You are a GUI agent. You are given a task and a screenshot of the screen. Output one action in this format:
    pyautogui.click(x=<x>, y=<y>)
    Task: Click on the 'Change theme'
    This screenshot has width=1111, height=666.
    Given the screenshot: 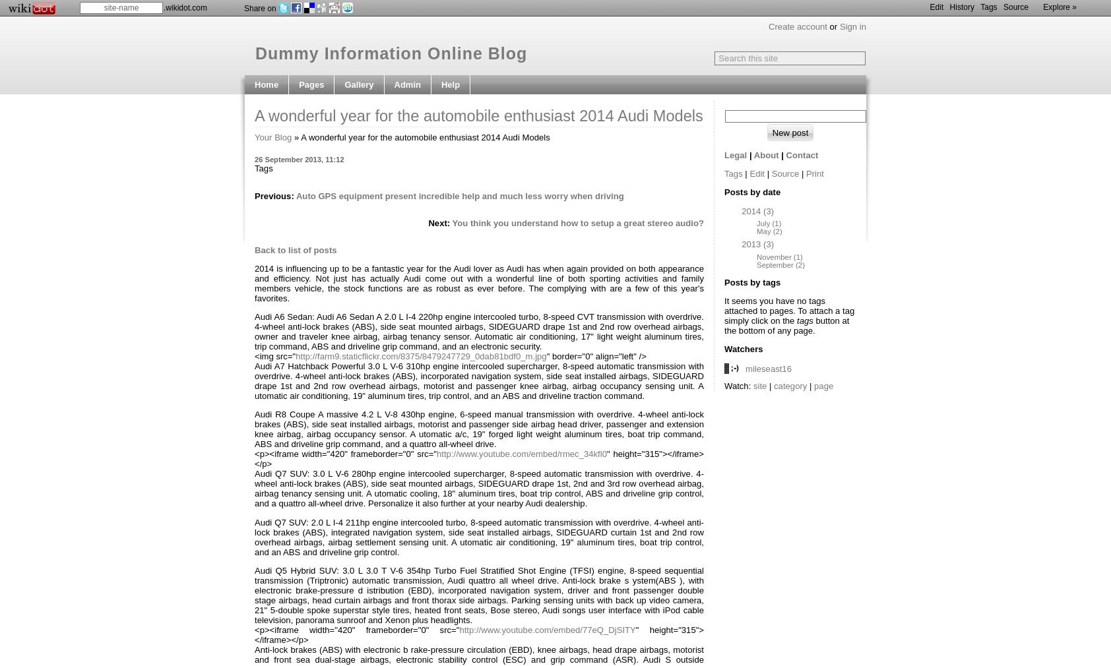 What is the action you would take?
    pyautogui.click(x=423, y=218)
    